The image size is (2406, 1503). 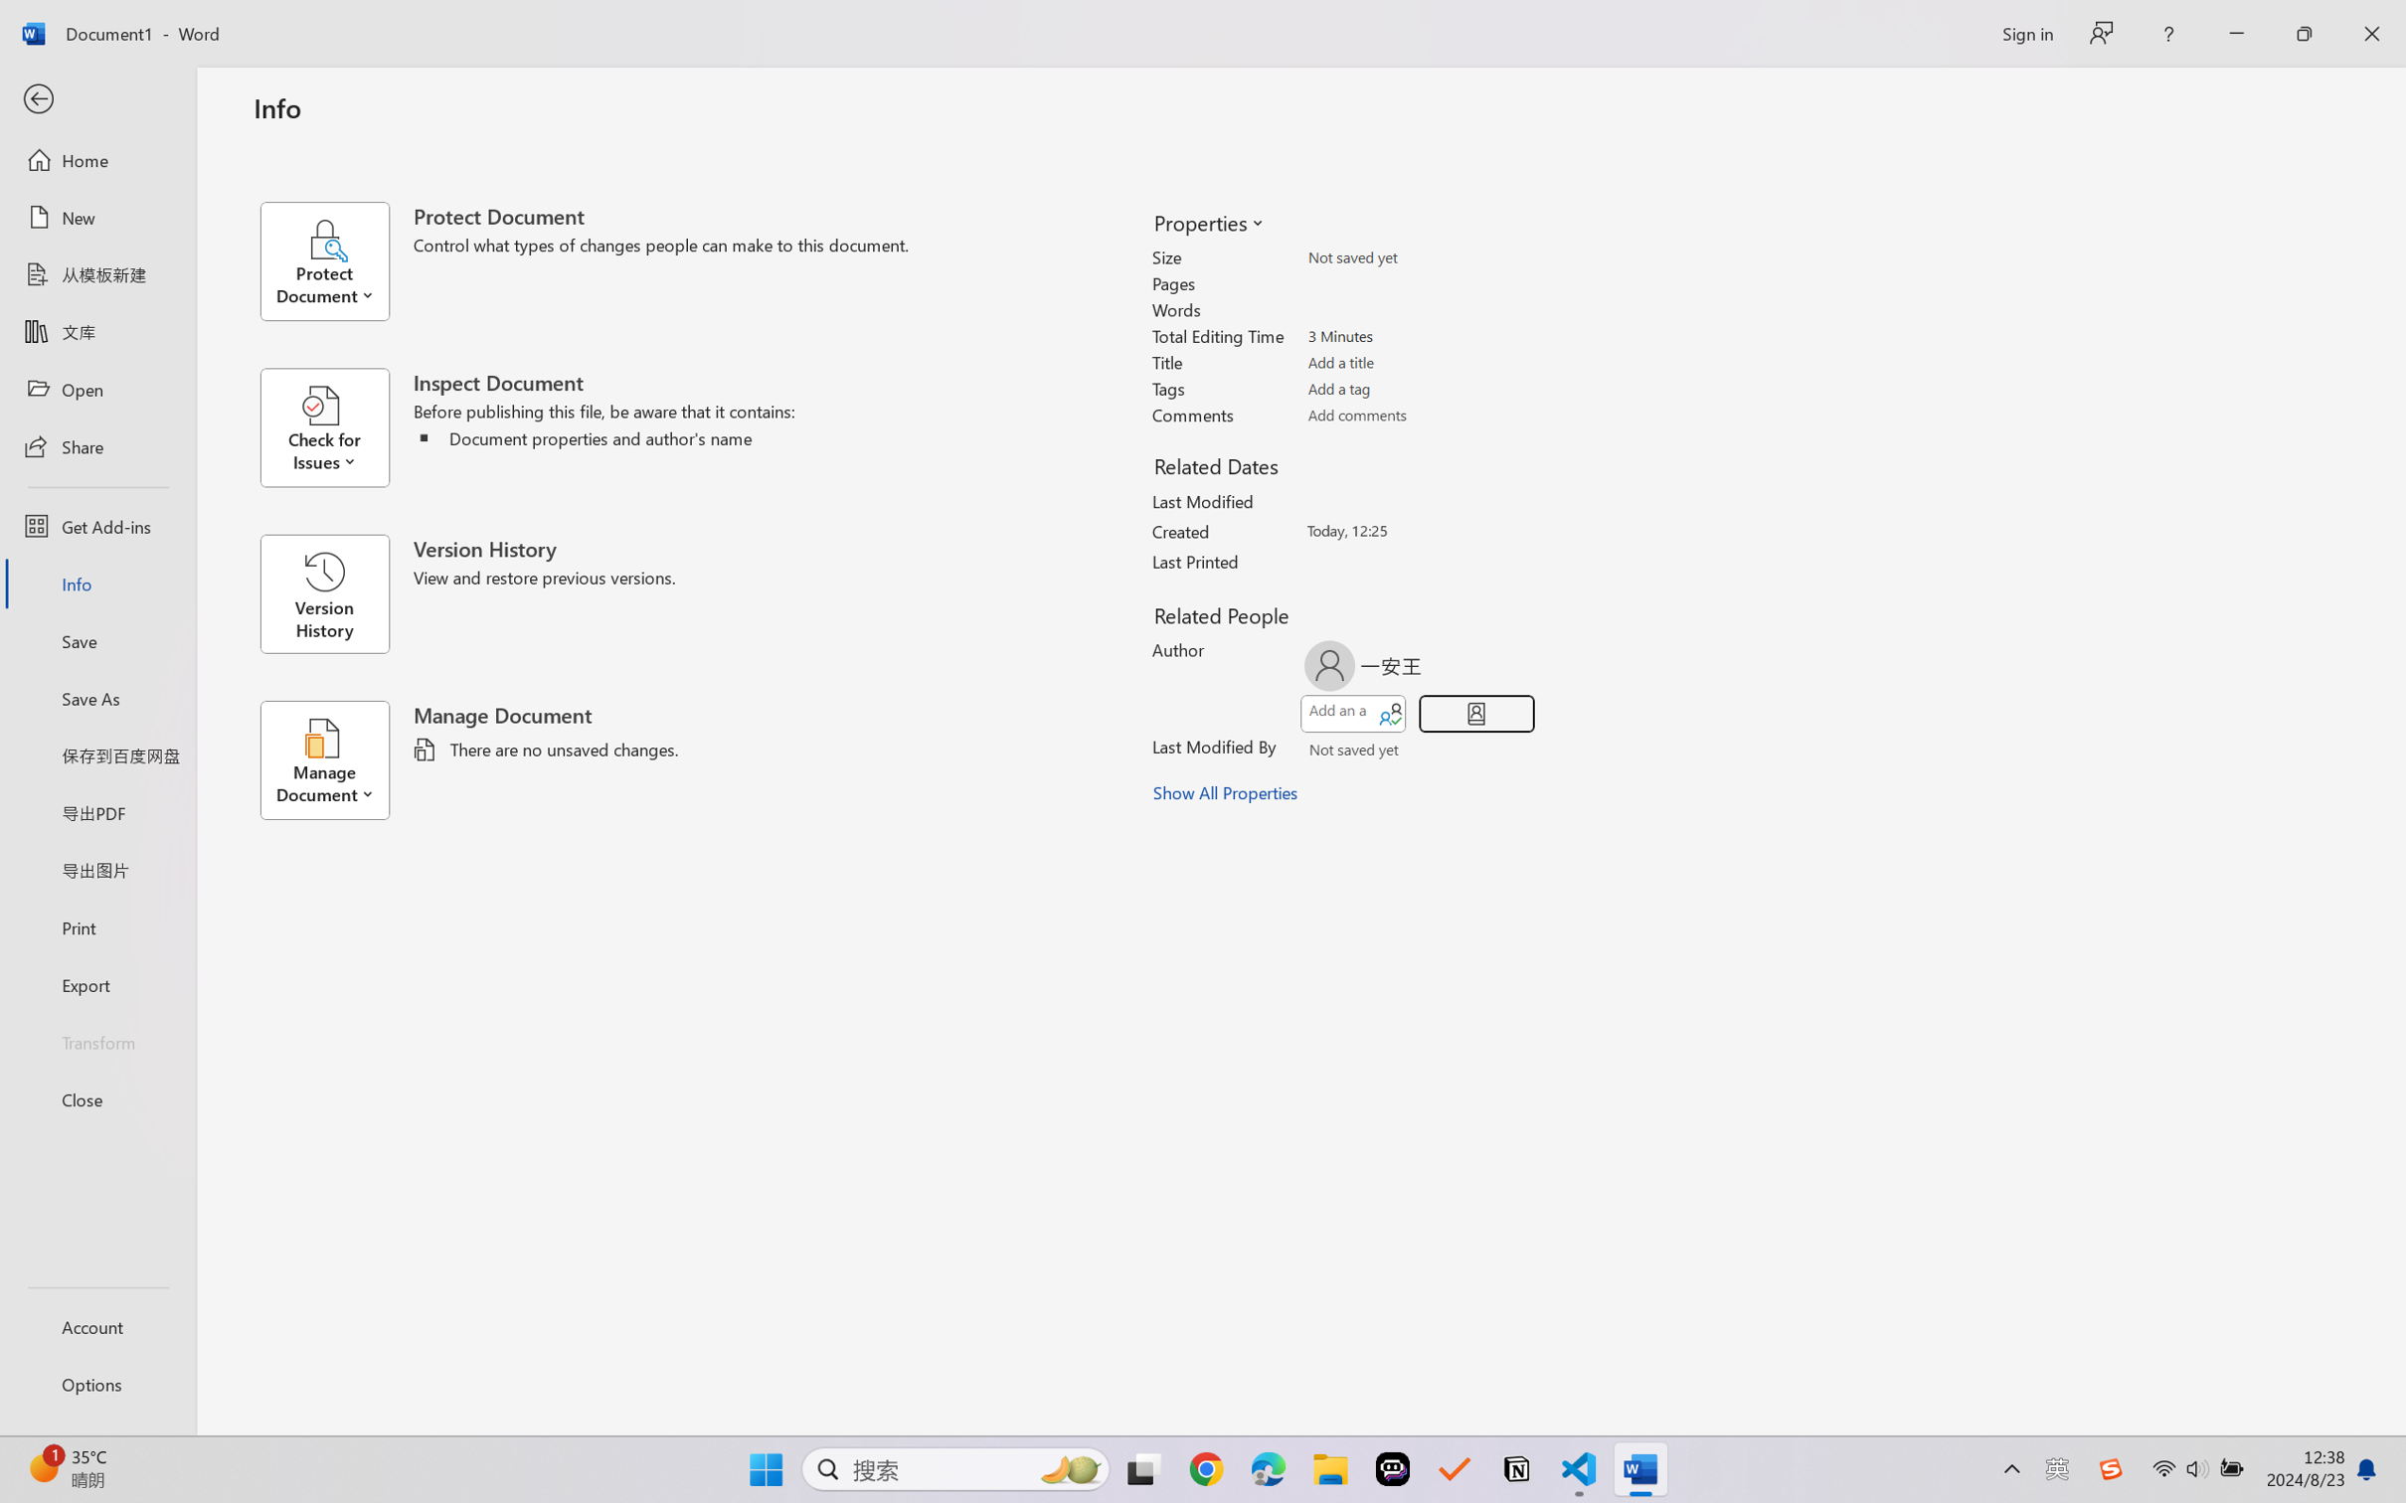 I want to click on 'Tags', so click(x=1418, y=388).